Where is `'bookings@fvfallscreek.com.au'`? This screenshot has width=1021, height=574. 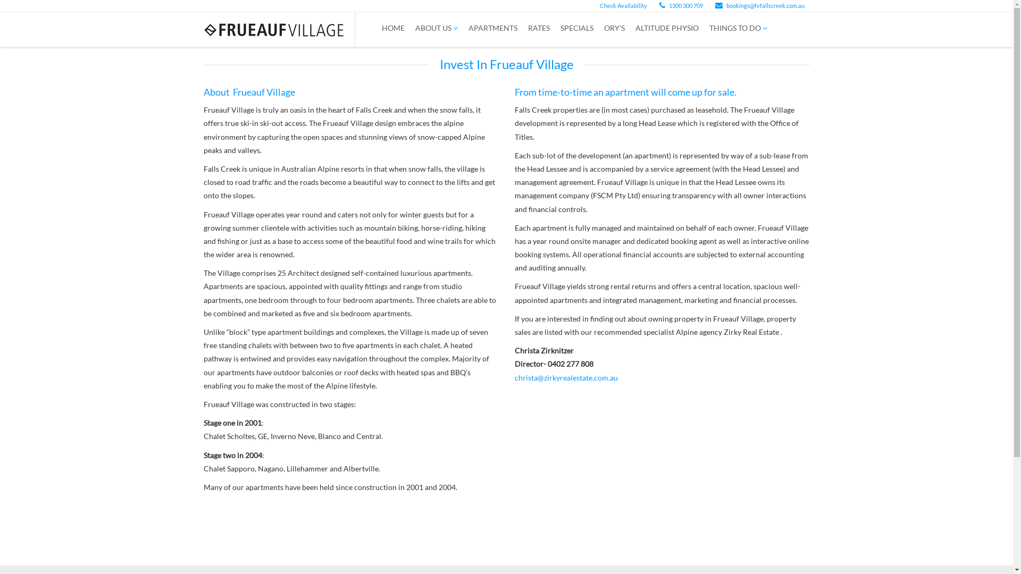 'bookings@fvfallscreek.com.au' is located at coordinates (758, 5).